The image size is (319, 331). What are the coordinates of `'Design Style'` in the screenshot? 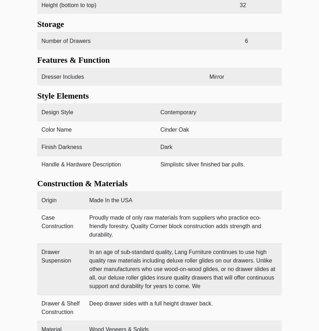 It's located at (57, 112).